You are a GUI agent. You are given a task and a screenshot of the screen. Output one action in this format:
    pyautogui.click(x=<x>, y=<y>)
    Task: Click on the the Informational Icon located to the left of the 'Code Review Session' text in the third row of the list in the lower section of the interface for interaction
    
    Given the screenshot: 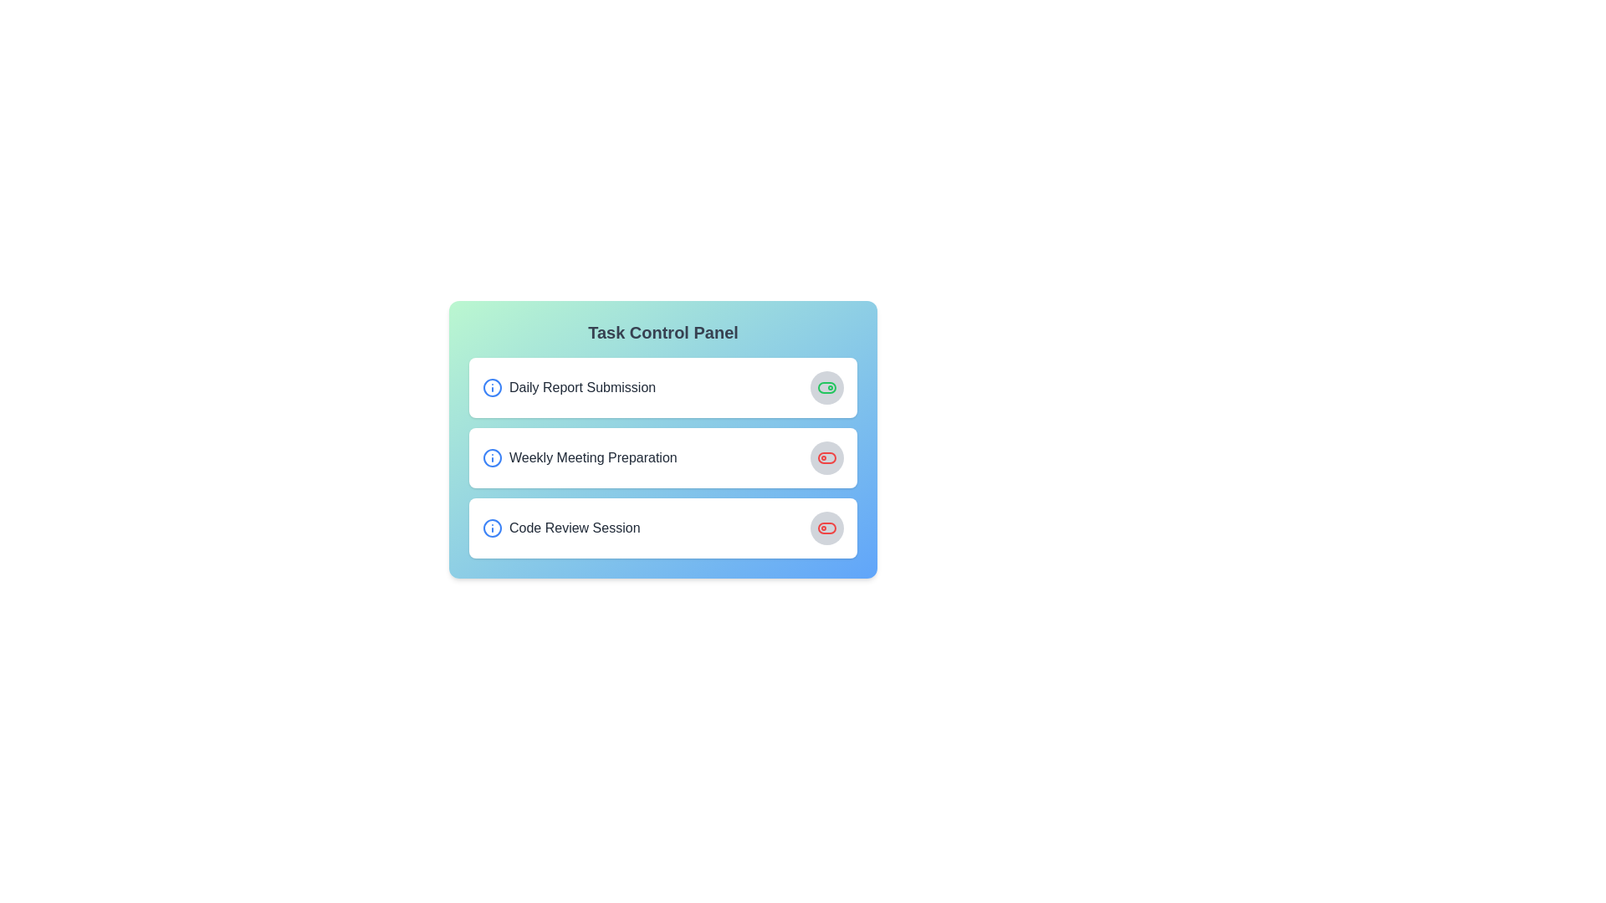 What is the action you would take?
    pyautogui.click(x=492, y=528)
    